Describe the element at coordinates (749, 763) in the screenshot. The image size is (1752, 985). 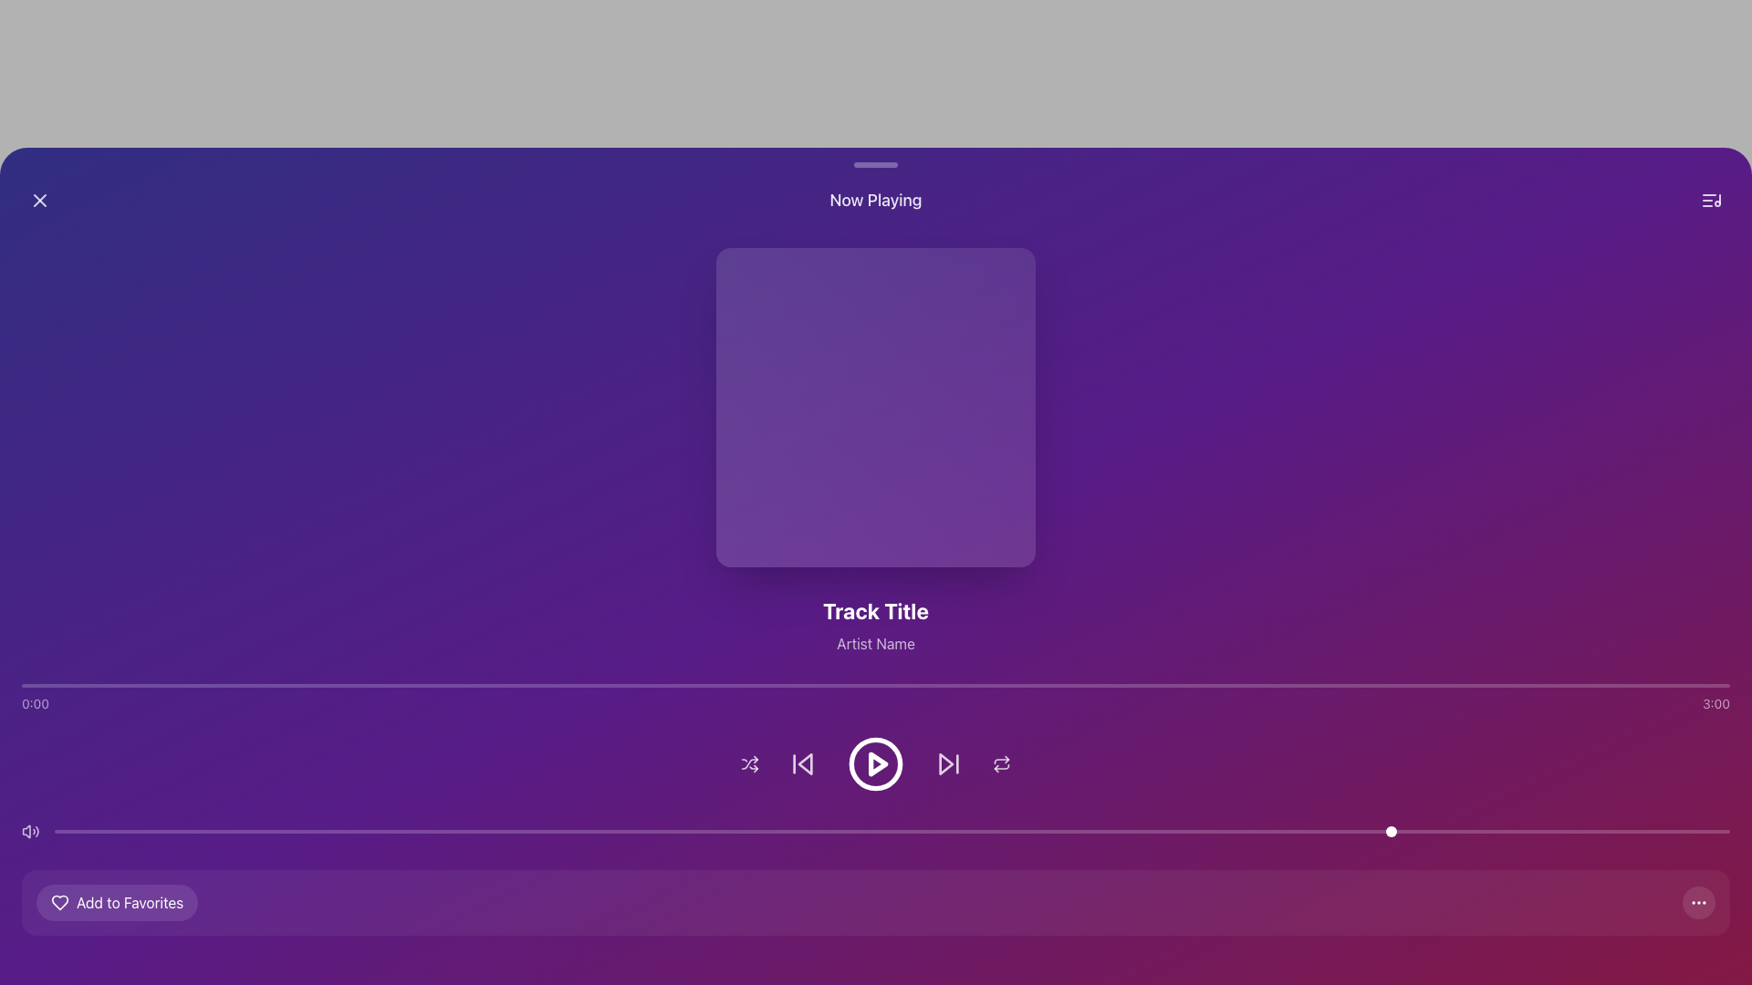
I see `the shuffle button located in the control bar section at the bottom of the page, which is the first interactive element from the left in a sequence of buttons` at that location.